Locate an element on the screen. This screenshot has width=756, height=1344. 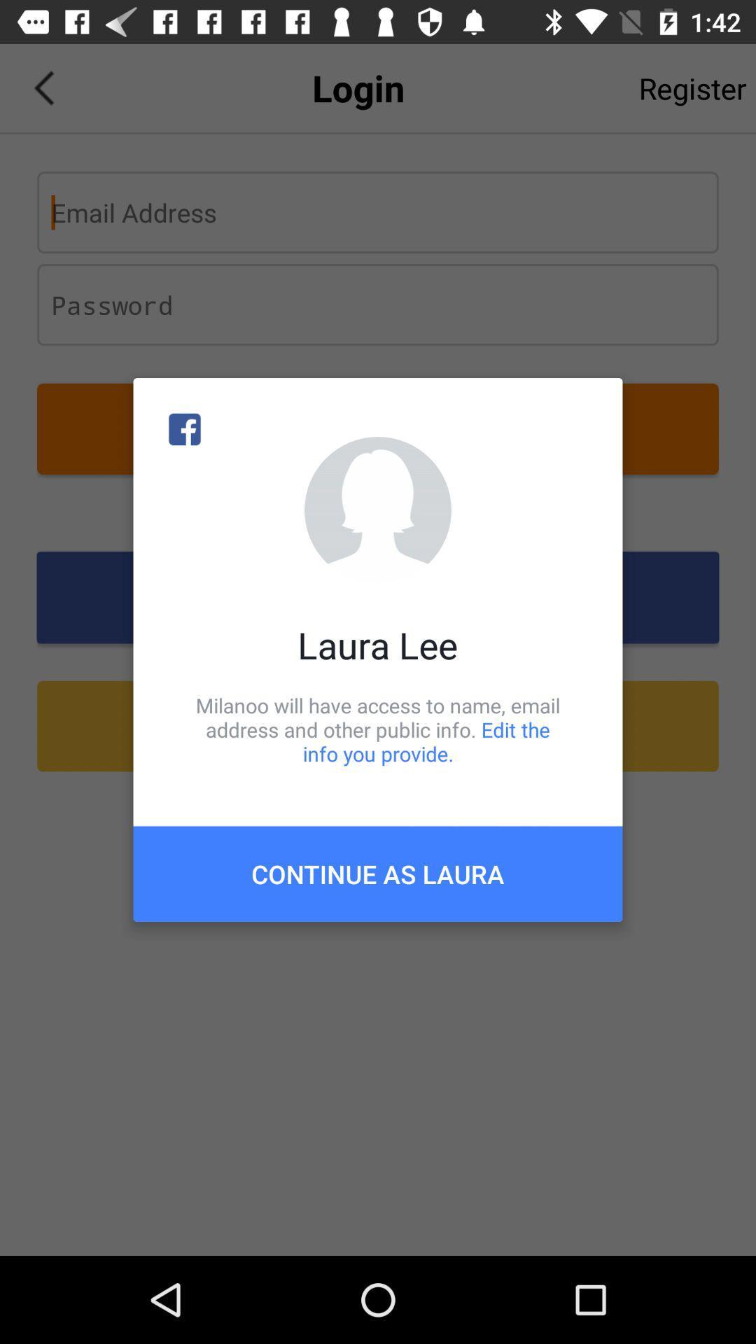
item below the milanoo will have is located at coordinates (378, 873).